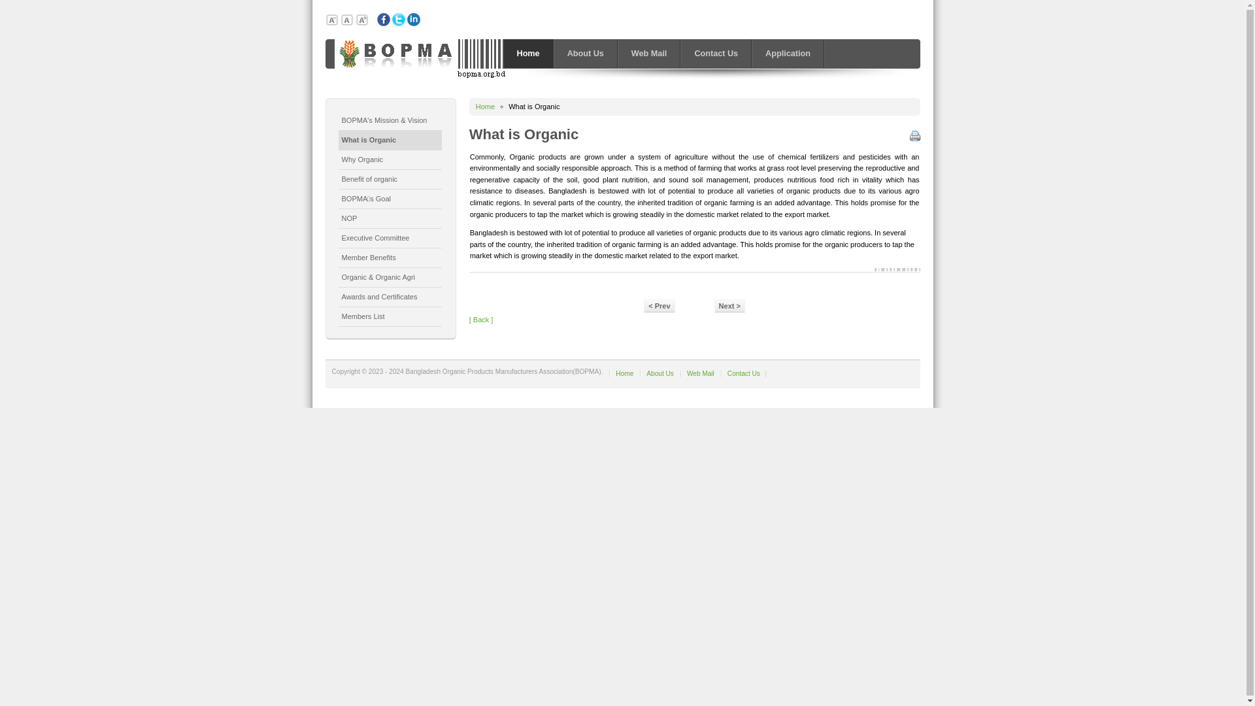 This screenshot has height=706, width=1255. Describe the element at coordinates (720, 373) in the screenshot. I see `'Contact Us'` at that location.